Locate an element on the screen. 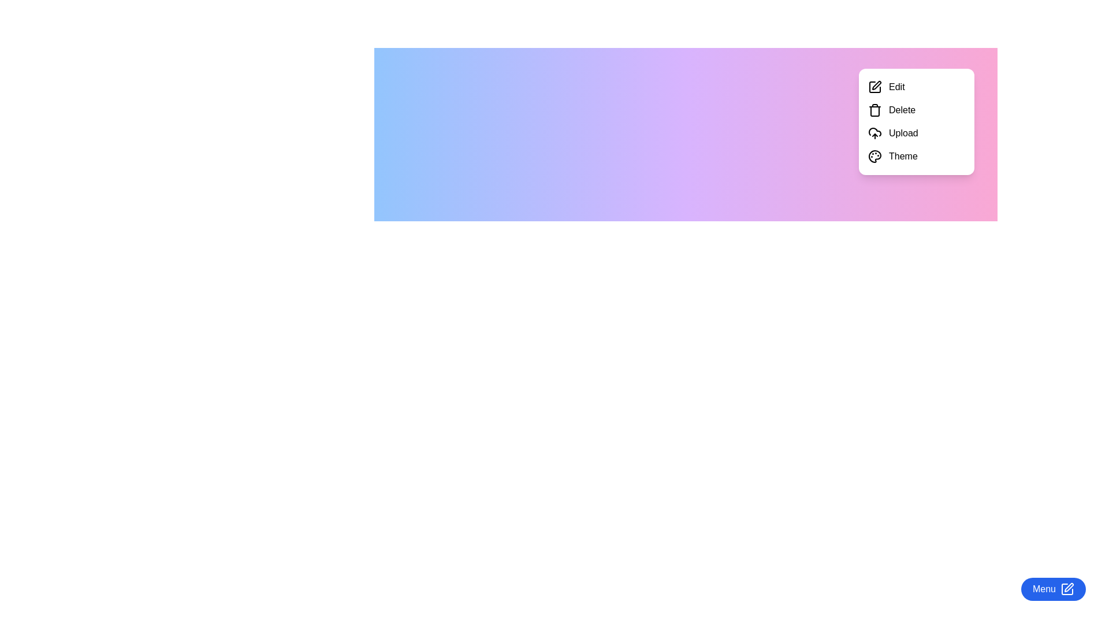 The width and height of the screenshot is (1109, 624). the Edit menu option is located at coordinates (916, 86).